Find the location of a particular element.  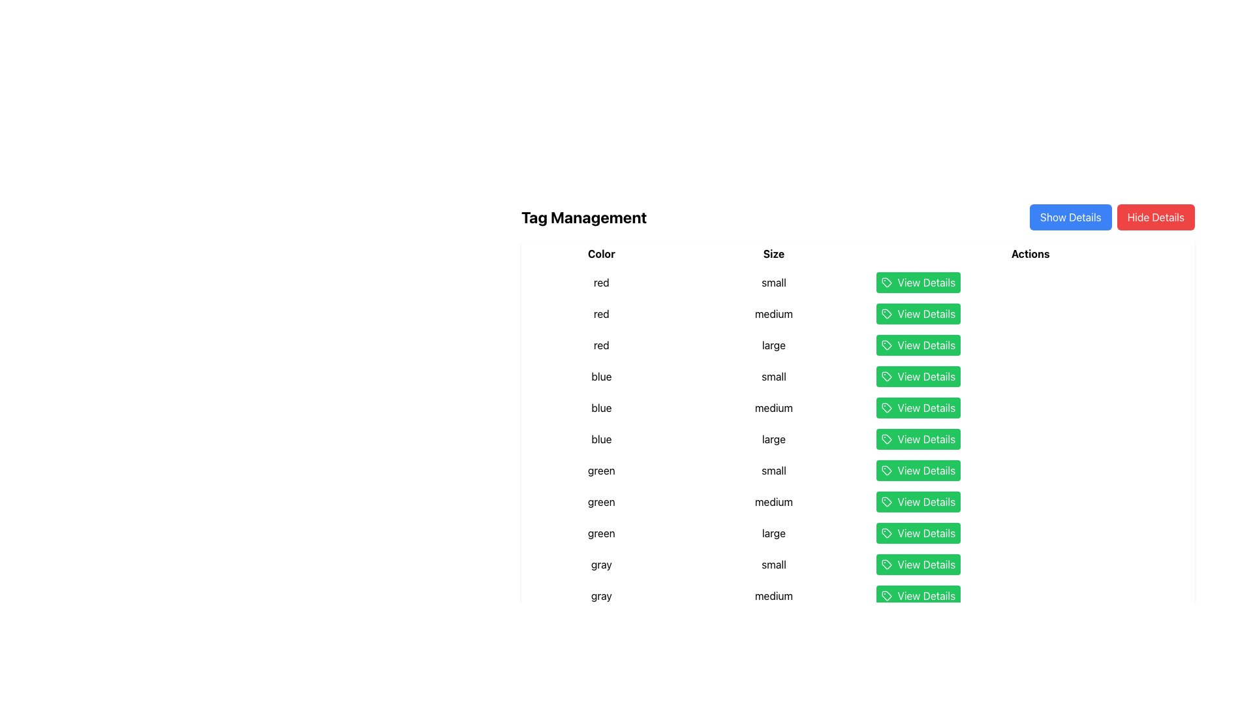

the decorative tag icon located in the Actions column of the table, specifically aligned with the second row for the red medium-sized tag is located at coordinates (887, 314).